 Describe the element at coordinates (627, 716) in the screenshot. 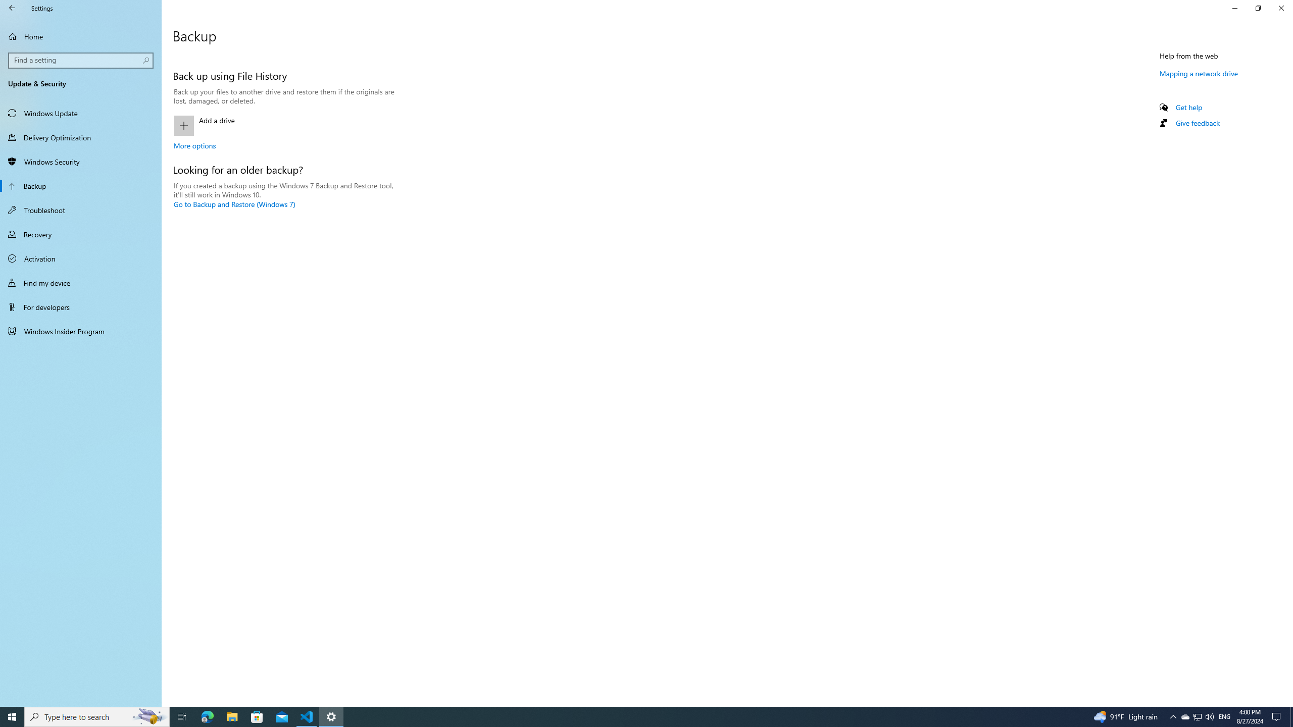

I see `'Running applications'` at that location.